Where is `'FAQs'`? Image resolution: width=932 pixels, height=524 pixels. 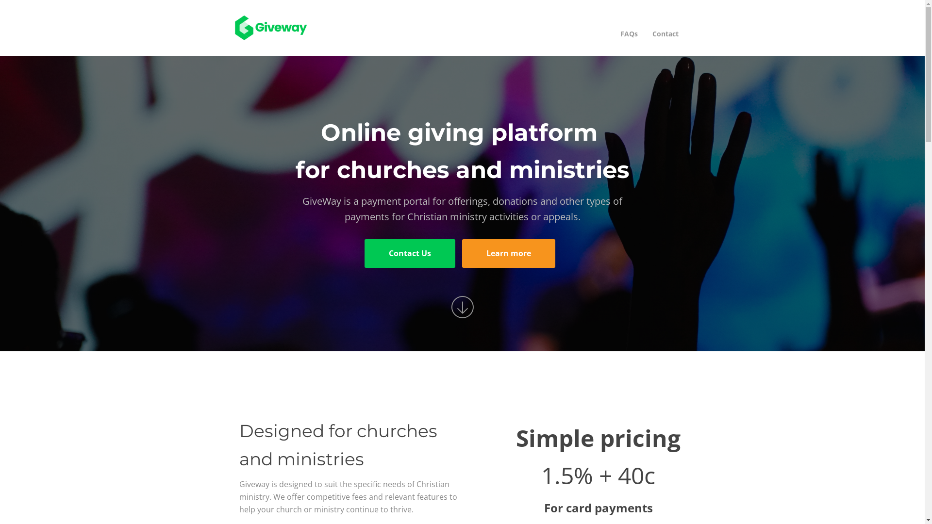 'FAQs' is located at coordinates (612, 33).